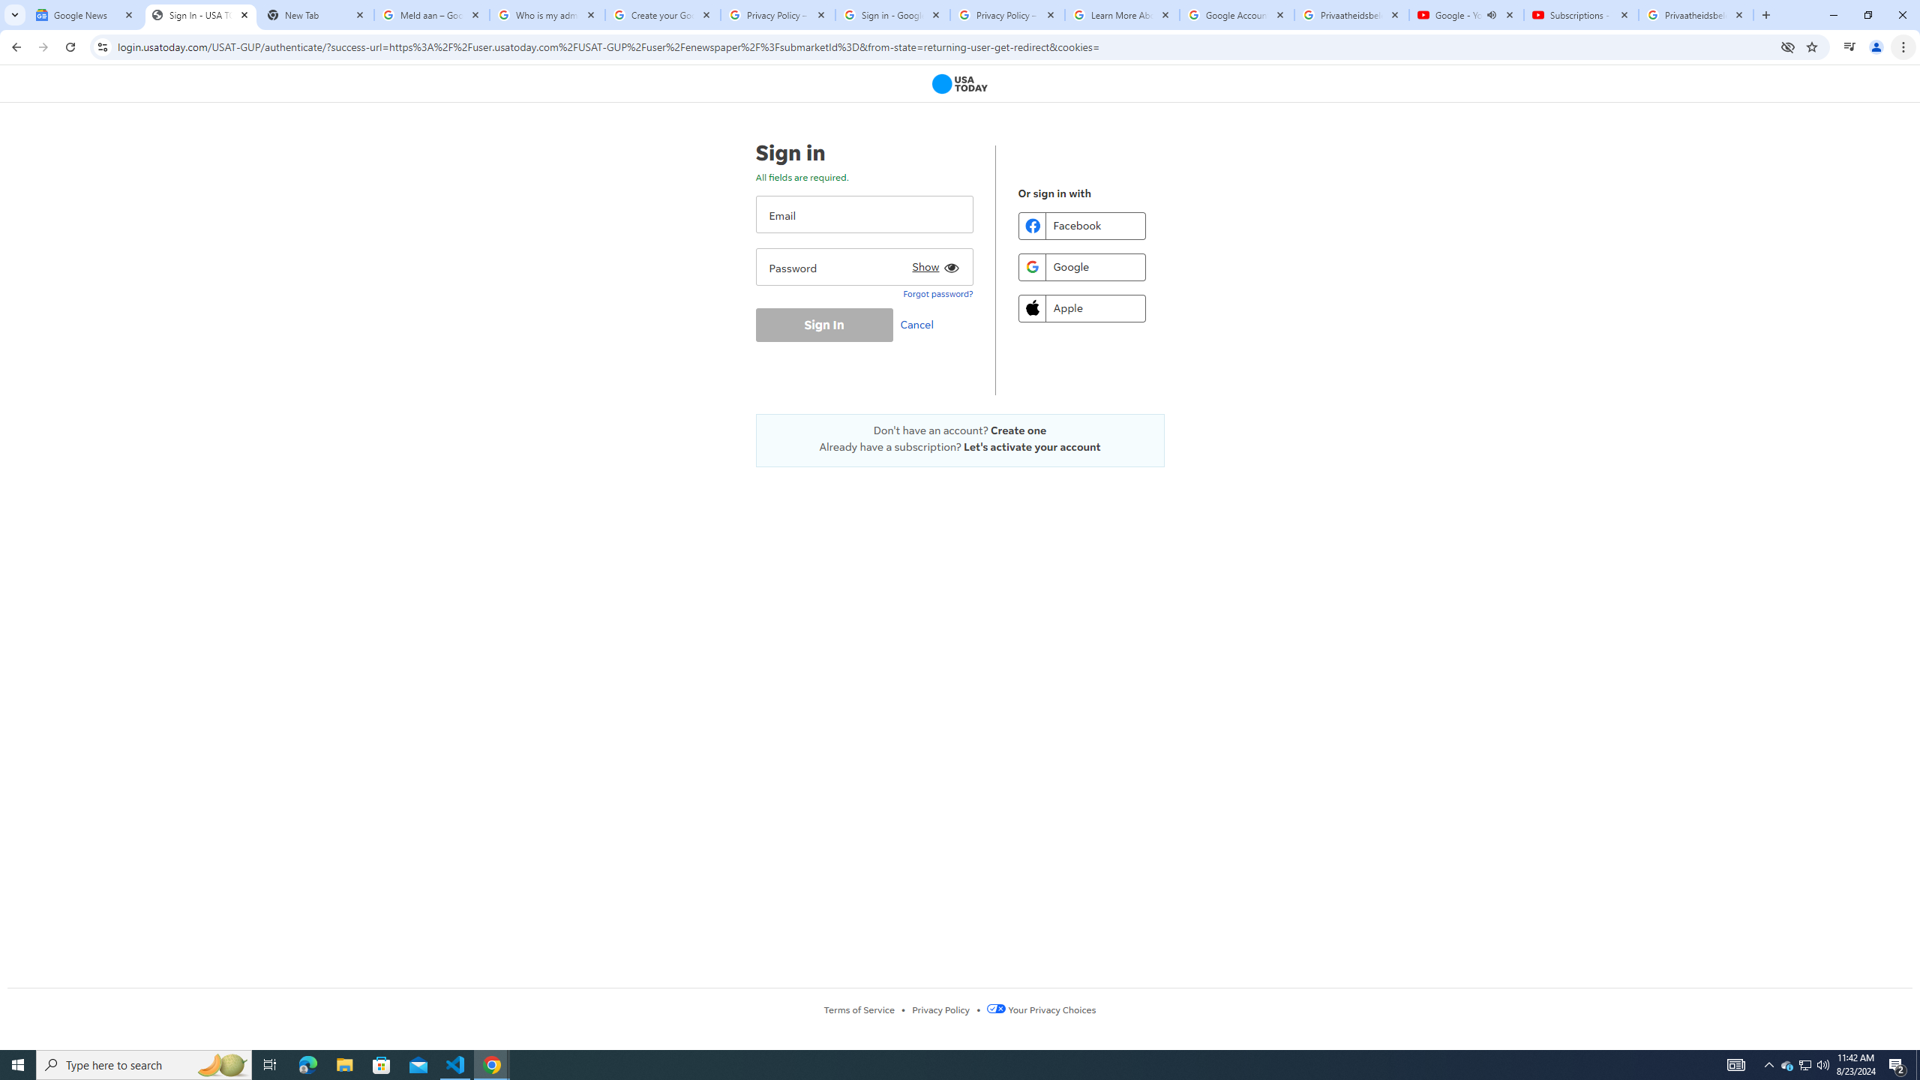 Image resolution: width=1920 pixels, height=1080 pixels. What do you see at coordinates (1876, 46) in the screenshot?
I see `'You'` at bounding box center [1876, 46].